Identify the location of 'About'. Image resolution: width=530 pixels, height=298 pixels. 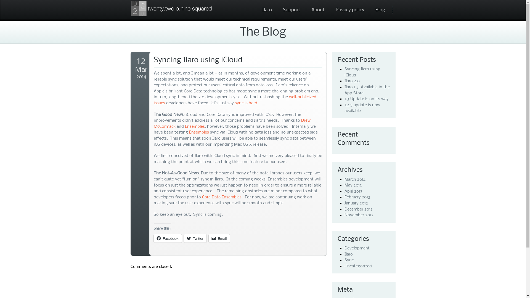
(318, 10).